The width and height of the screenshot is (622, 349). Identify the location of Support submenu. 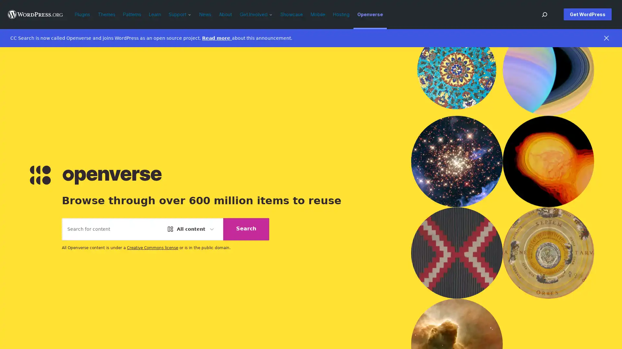
(191, 14).